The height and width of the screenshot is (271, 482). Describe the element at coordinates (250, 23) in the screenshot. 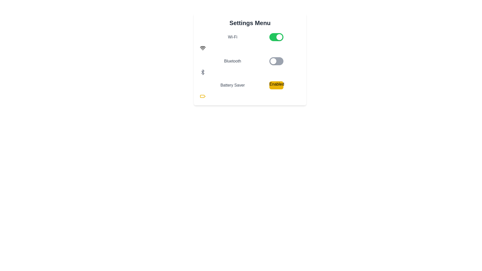

I see `the settings menu title text label located at the top of the settings menu interface, centered horizontally, which indicates the purpose of the surrounding UI components` at that location.